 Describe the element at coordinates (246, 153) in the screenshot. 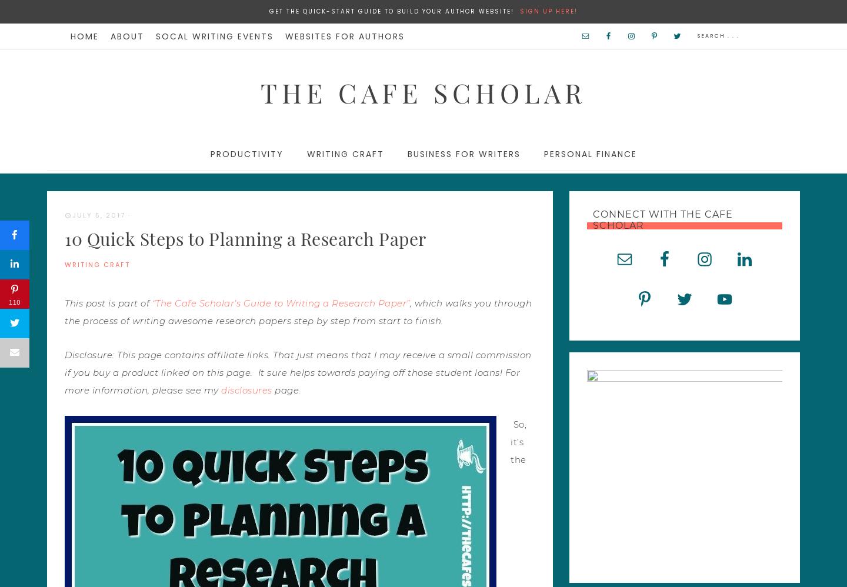

I see `'Productivity'` at that location.